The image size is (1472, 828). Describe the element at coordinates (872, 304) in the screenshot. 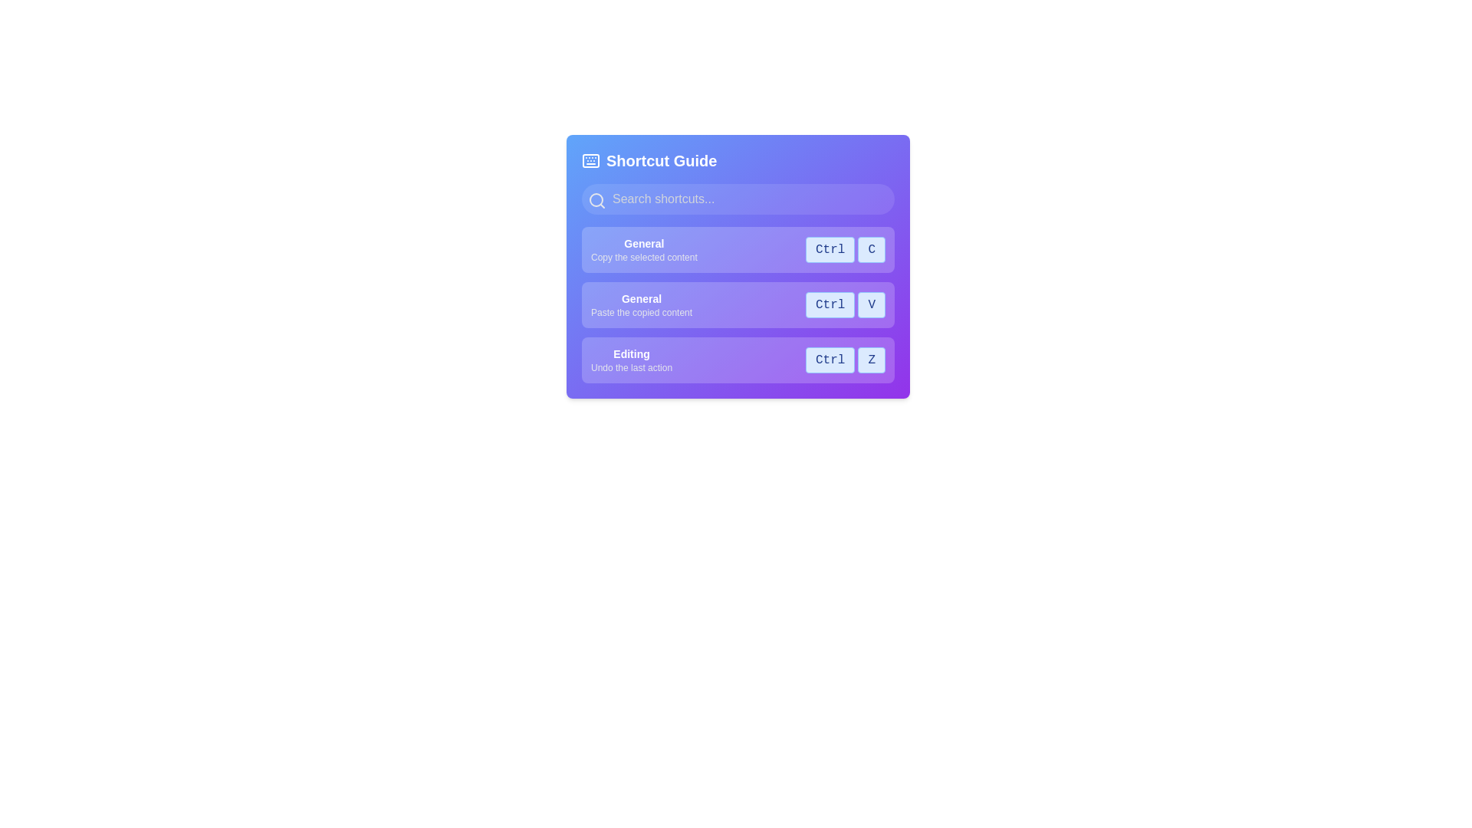

I see `the static visual label with a light blue background and dark blue 'V' text, located to the right of the 'Ctrl' button in the shortcut guide interface` at that location.